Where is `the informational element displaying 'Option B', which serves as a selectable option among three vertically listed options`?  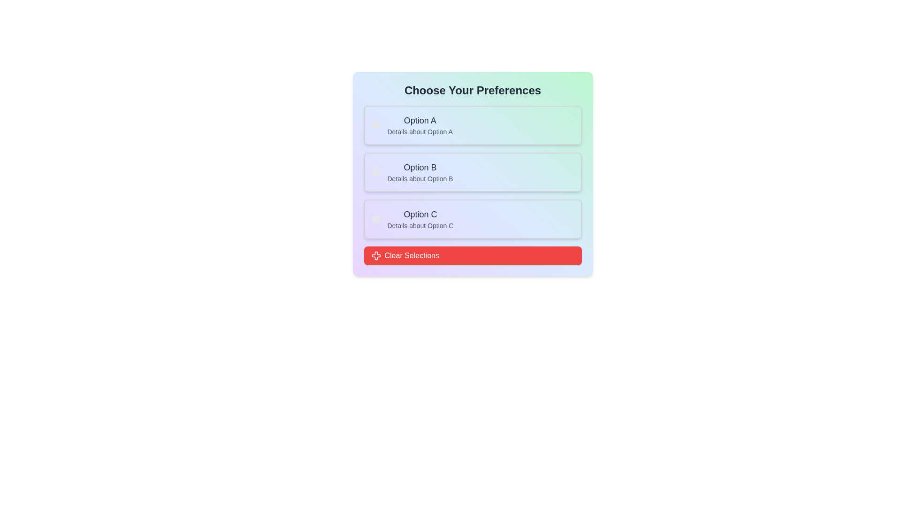
the informational element displaying 'Option B', which serves as a selectable option among three vertically listed options is located at coordinates (420, 172).